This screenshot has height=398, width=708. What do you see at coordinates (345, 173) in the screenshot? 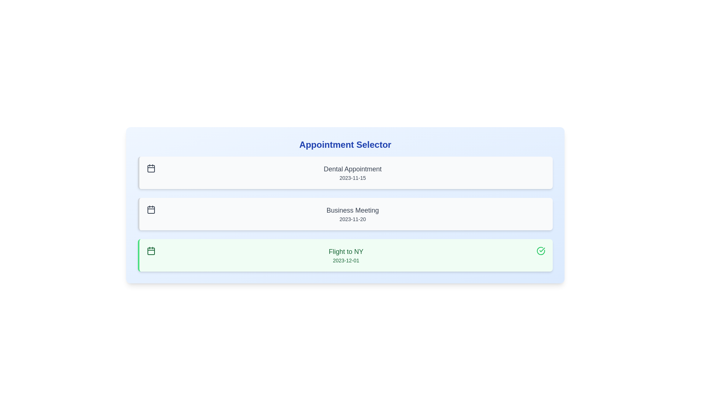
I see `the appointment with description 'Dental Appointment'` at bounding box center [345, 173].